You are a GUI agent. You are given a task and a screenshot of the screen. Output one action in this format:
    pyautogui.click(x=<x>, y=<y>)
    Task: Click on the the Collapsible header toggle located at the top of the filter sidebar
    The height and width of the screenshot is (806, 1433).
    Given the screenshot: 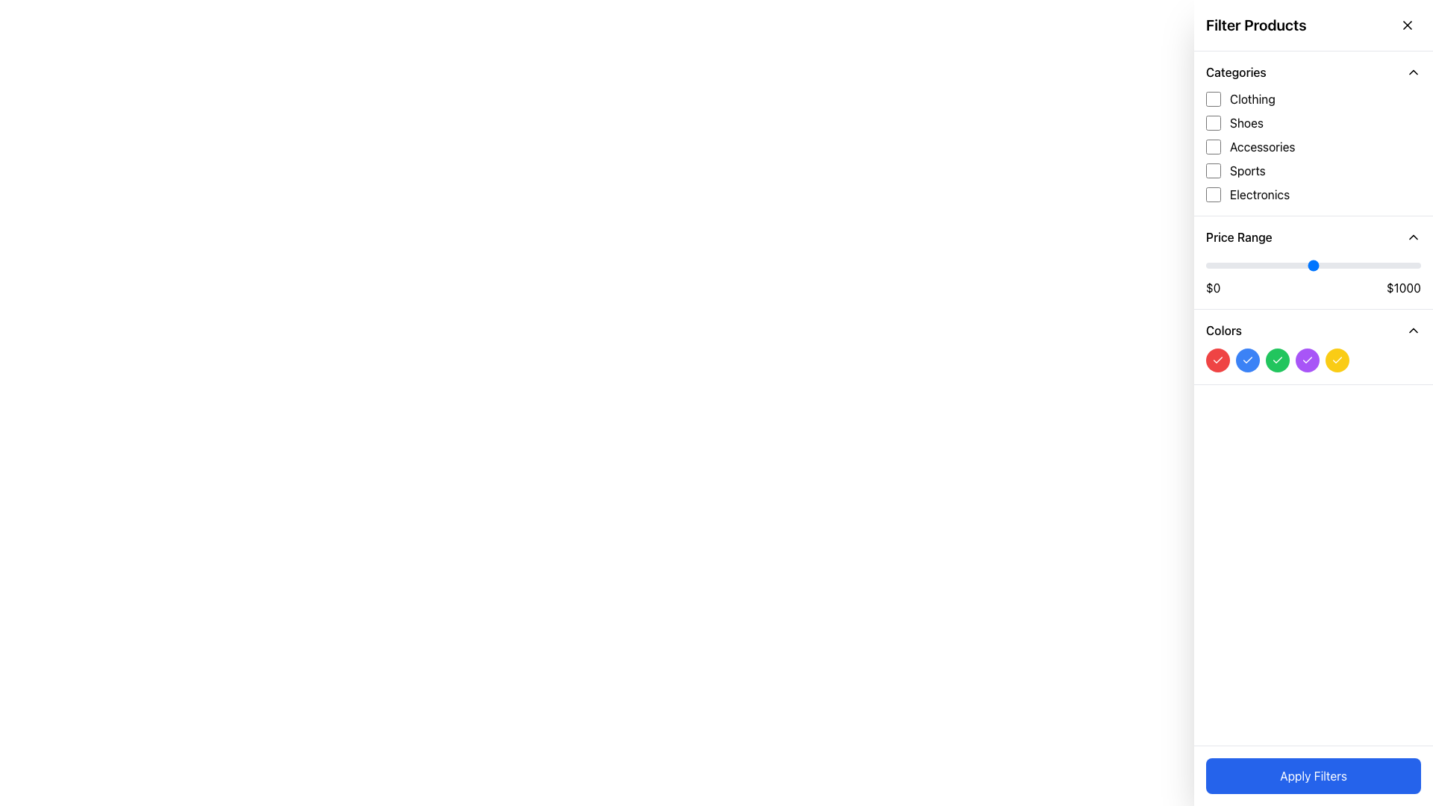 What is the action you would take?
    pyautogui.click(x=1314, y=72)
    